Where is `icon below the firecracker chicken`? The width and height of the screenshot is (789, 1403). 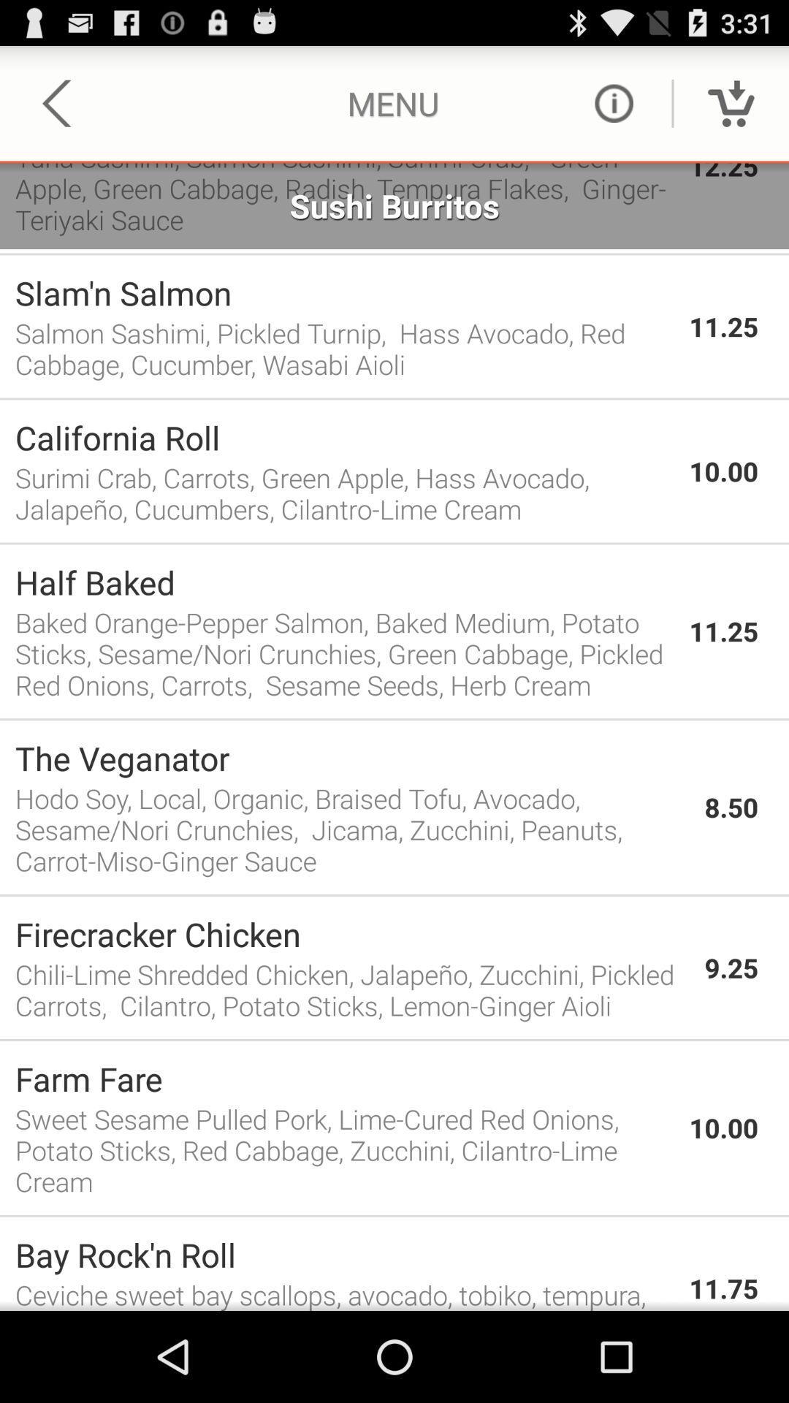
icon below the firecracker chicken is located at coordinates (352, 989).